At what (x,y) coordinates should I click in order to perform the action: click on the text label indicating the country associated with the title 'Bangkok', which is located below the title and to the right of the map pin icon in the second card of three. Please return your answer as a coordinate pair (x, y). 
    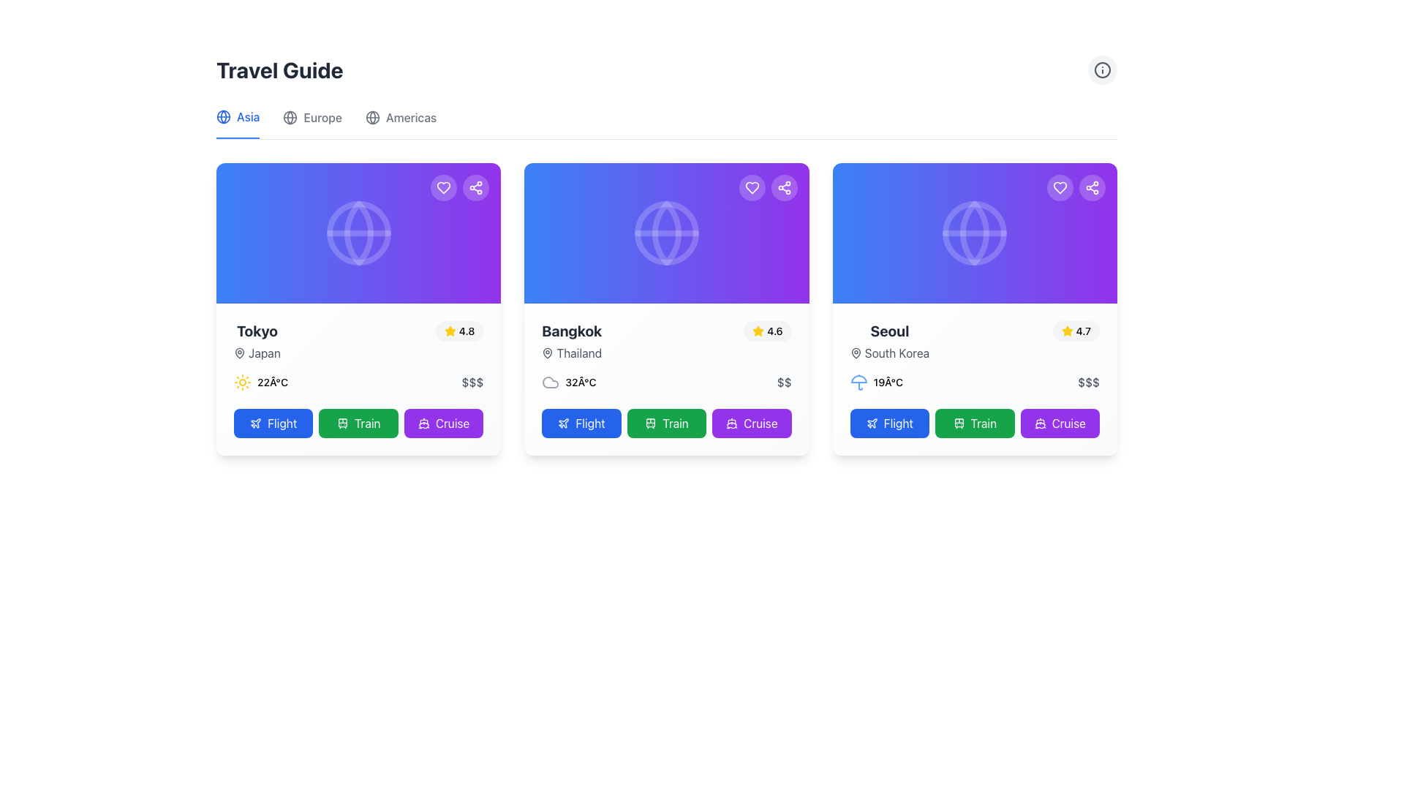
    Looking at the image, I should click on (571, 353).